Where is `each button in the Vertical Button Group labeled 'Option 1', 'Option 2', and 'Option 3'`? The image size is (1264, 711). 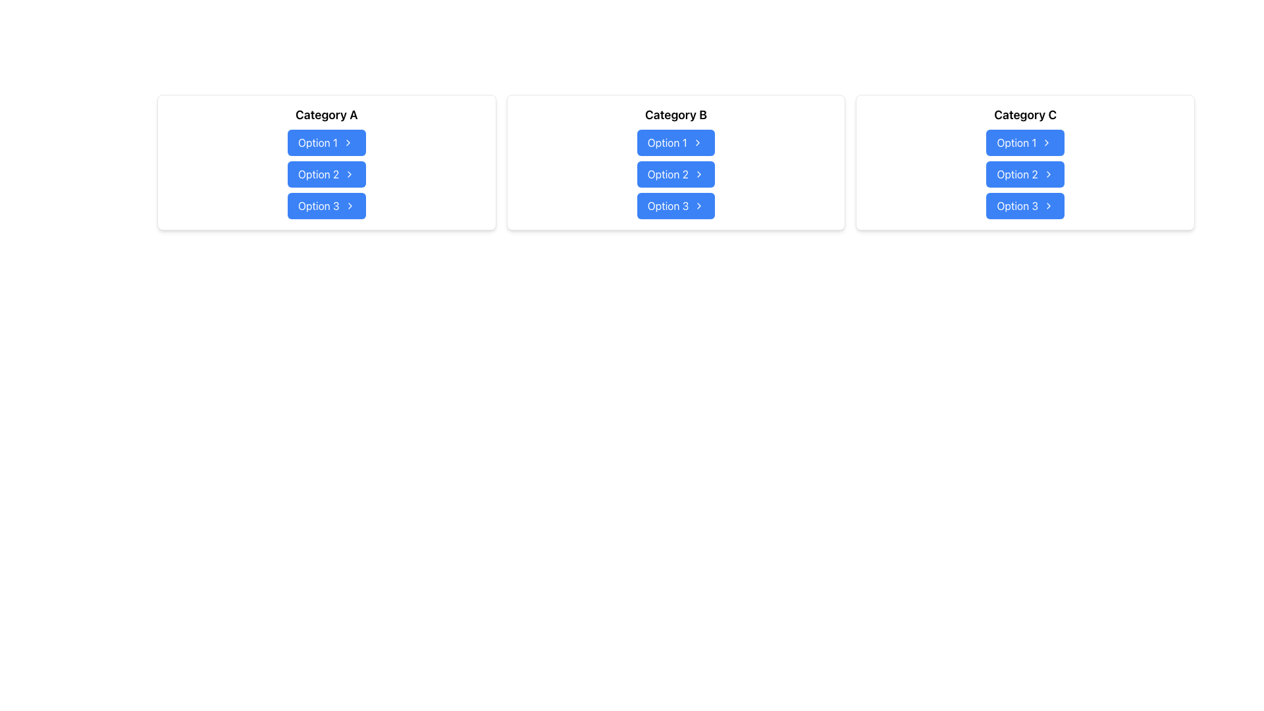 each button in the Vertical Button Group labeled 'Option 1', 'Option 2', and 'Option 3' is located at coordinates (676, 174).